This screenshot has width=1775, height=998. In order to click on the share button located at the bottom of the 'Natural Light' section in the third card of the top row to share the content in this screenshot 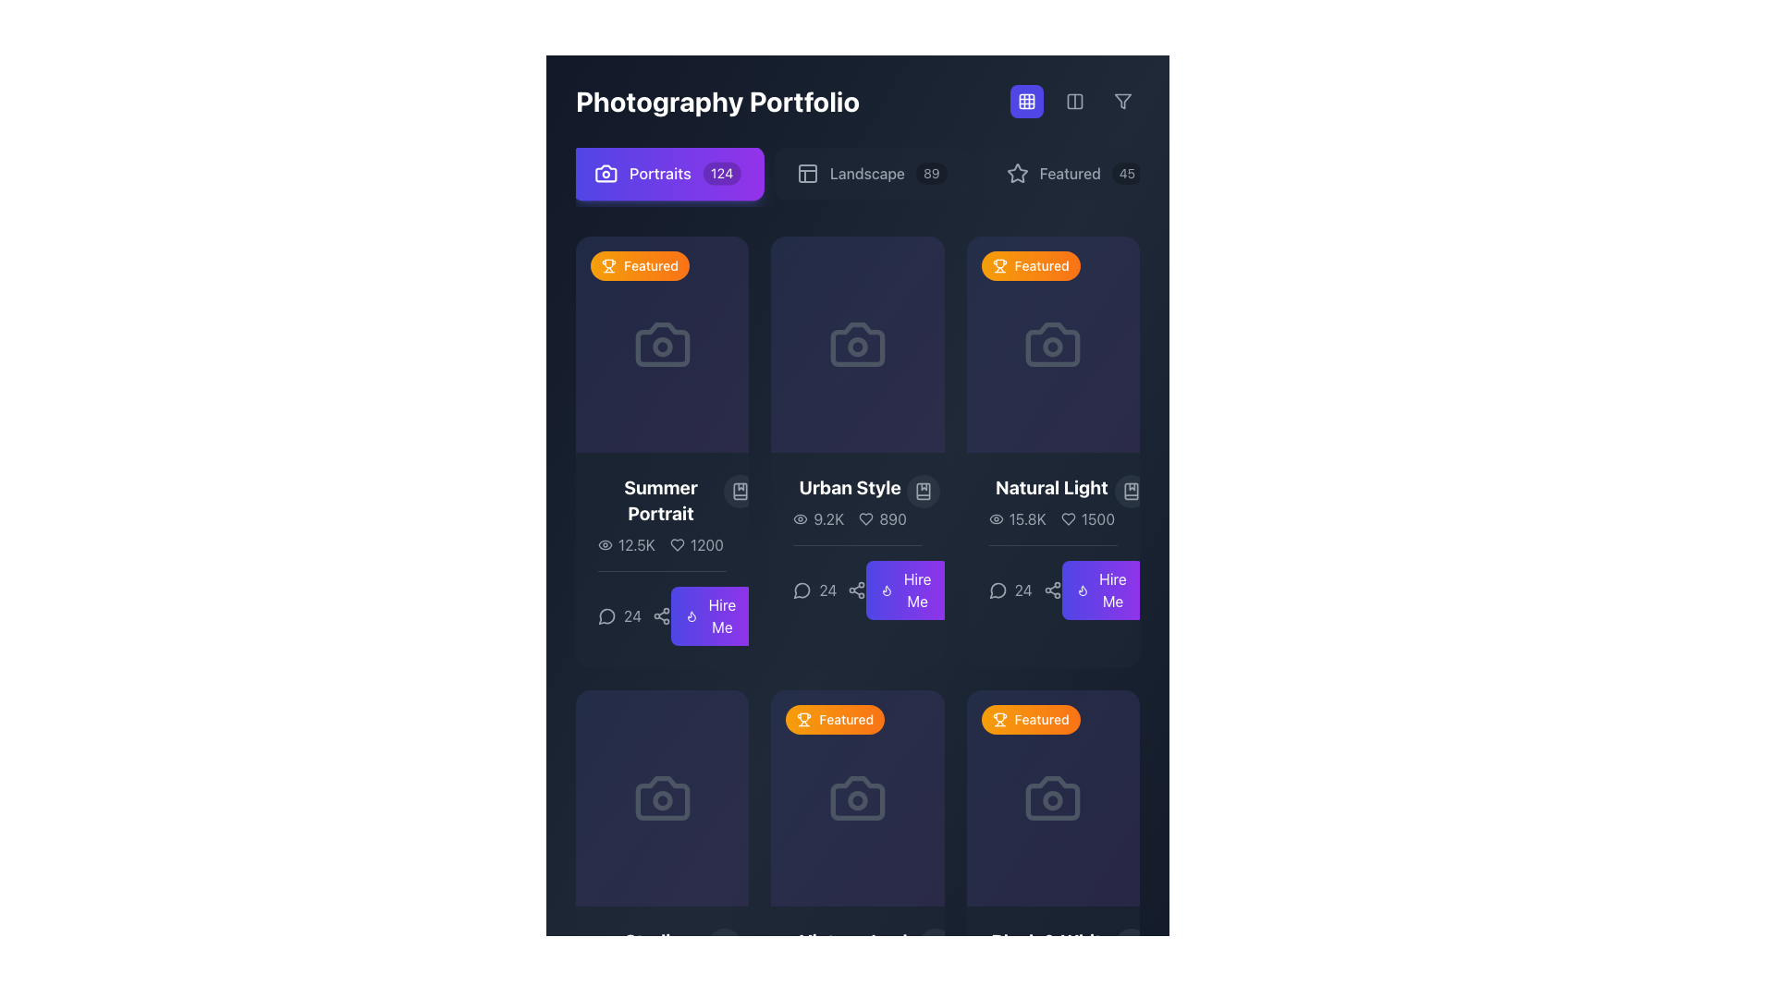, I will do `click(1052, 590)`.